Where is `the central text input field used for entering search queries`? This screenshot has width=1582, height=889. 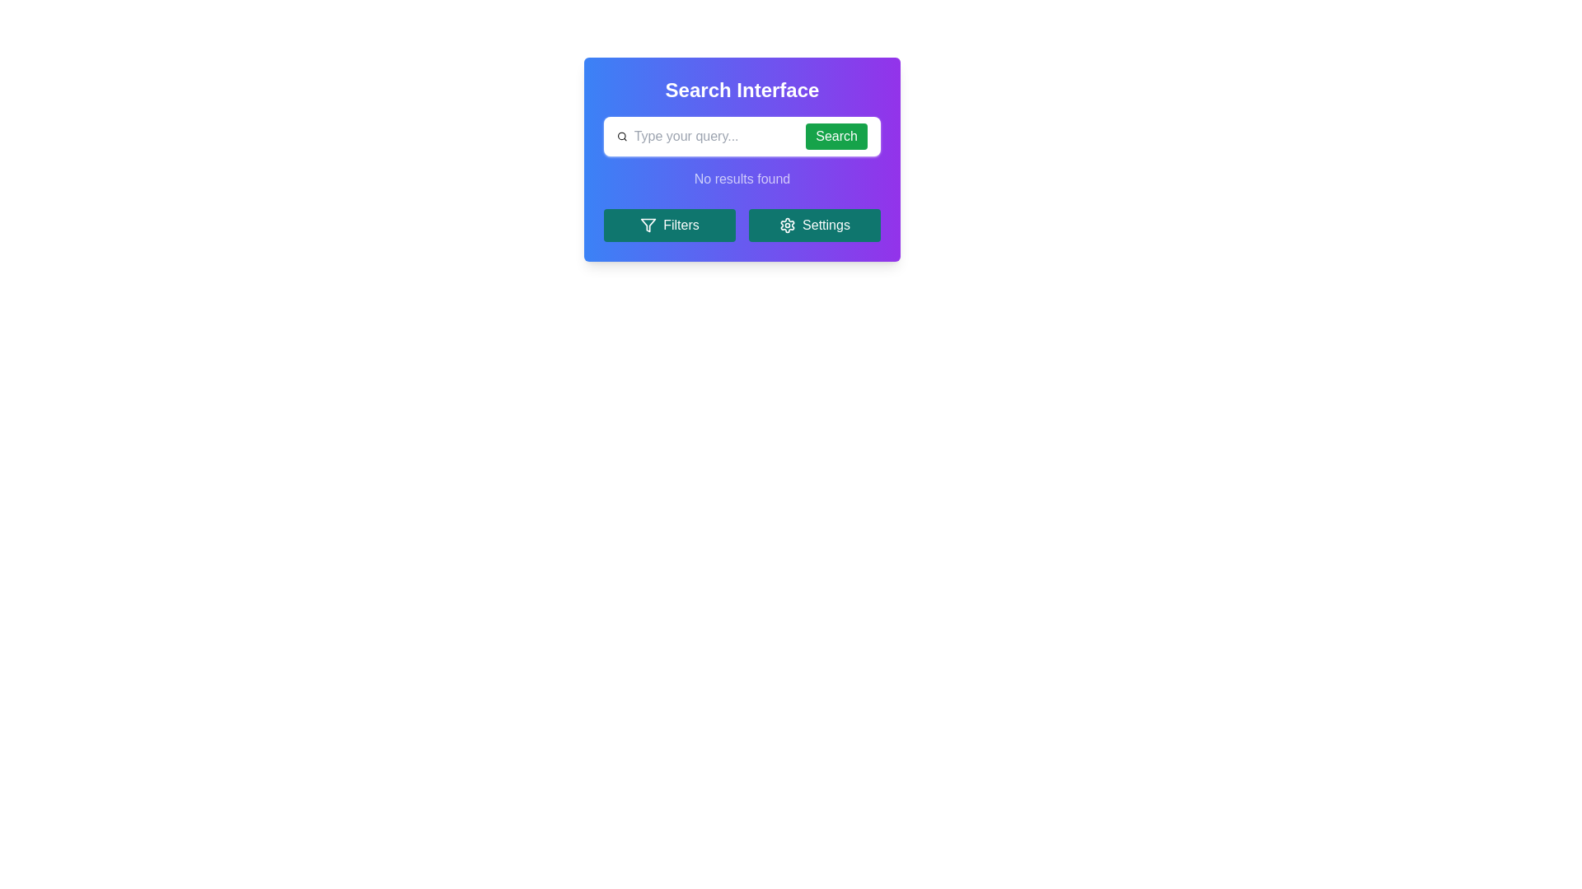
the central text input field used for entering search queries is located at coordinates (713, 135).